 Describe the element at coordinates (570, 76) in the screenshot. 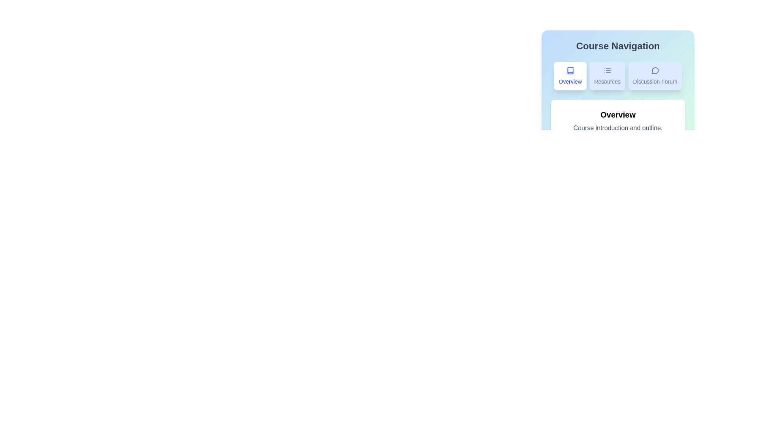

I see `the Overview tab` at that location.